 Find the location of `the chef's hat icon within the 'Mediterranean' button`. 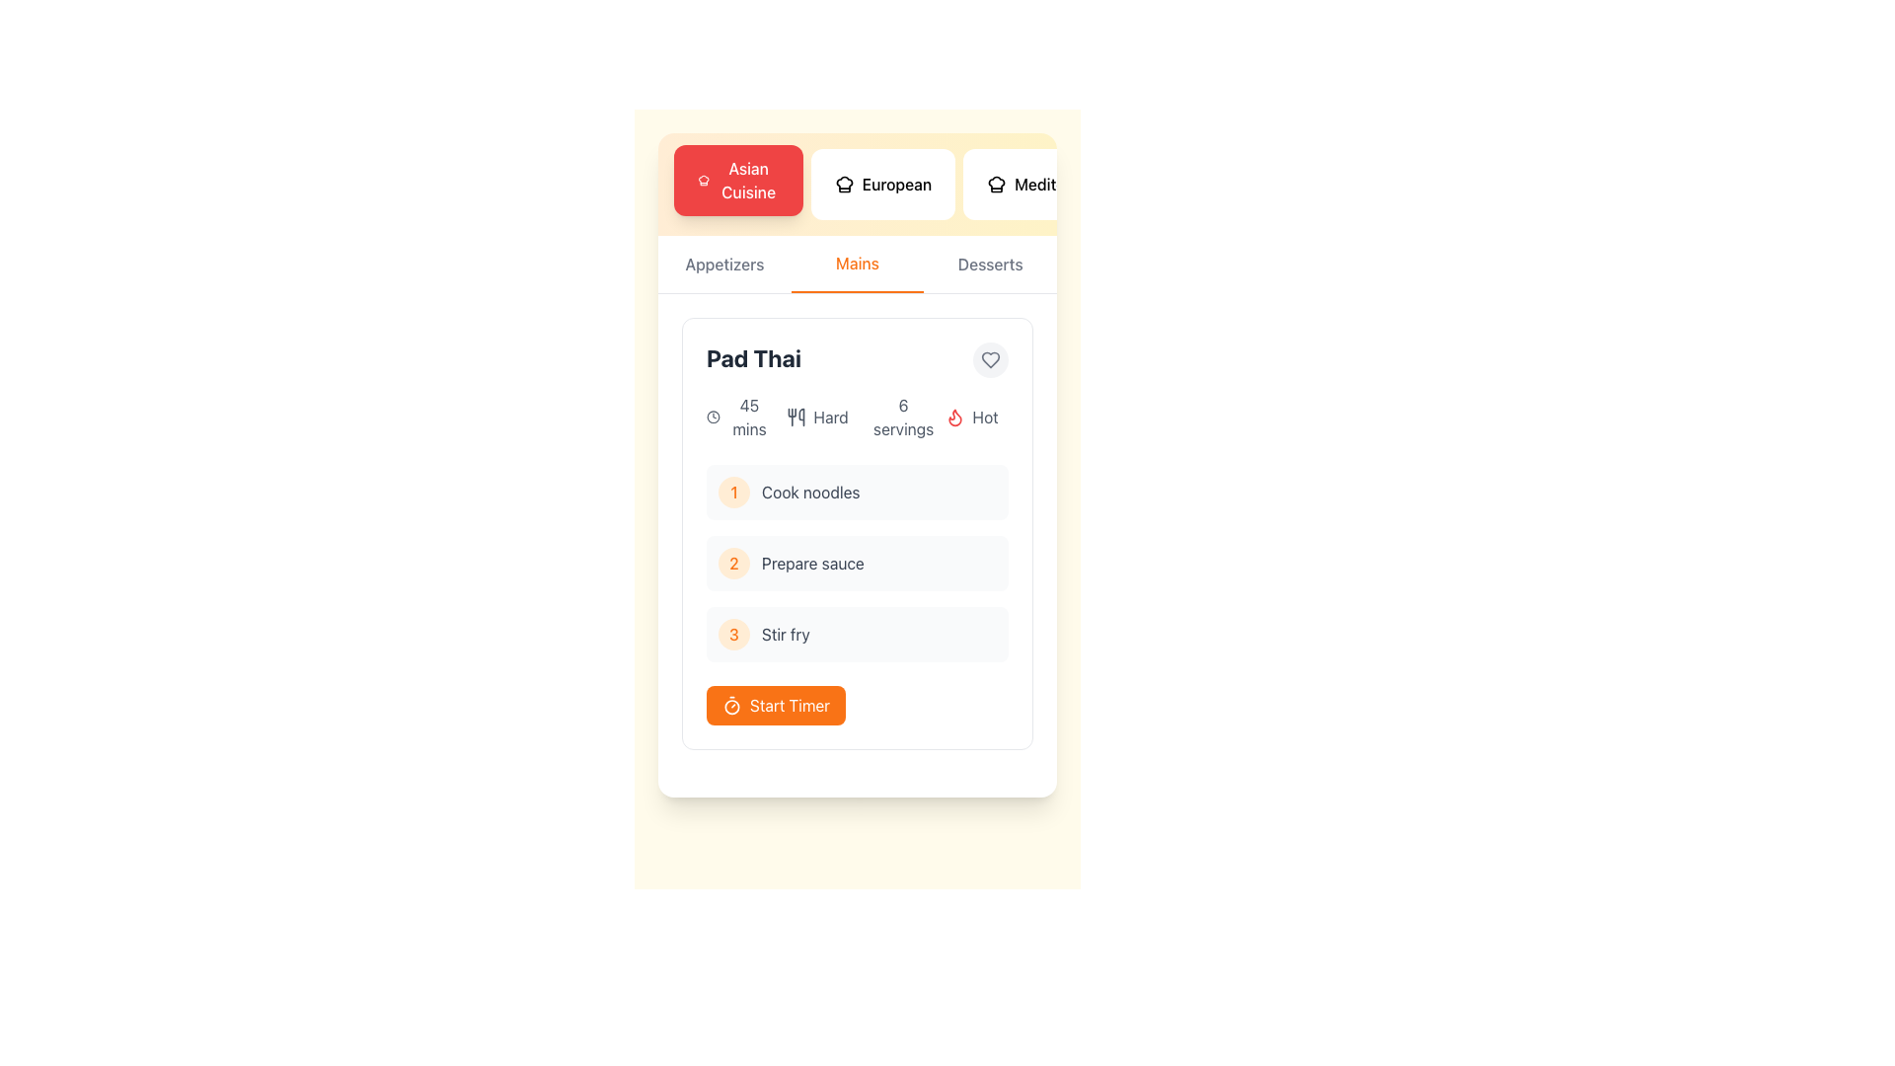

the chef's hat icon within the 'Mediterranean' button is located at coordinates (996, 184).